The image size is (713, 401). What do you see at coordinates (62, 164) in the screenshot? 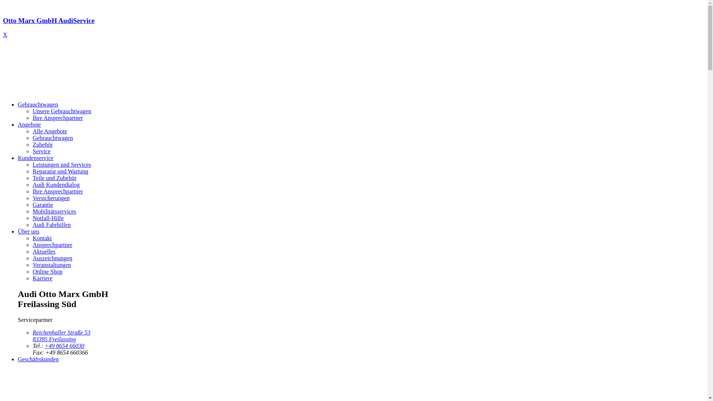
I see `'Leistungen und Services'` at bounding box center [62, 164].